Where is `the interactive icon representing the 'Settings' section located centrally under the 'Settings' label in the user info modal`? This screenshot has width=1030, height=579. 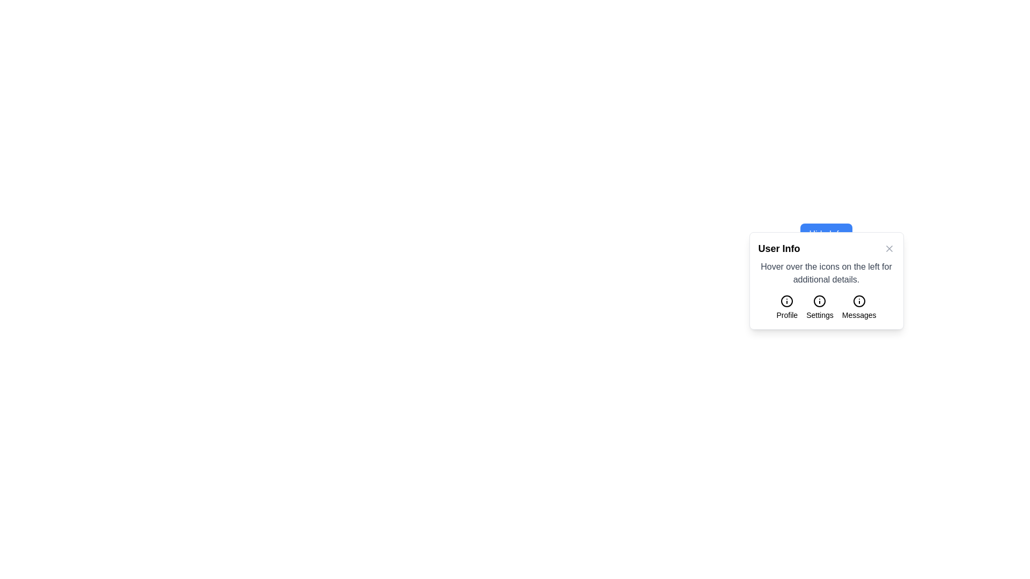 the interactive icon representing the 'Settings' section located centrally under the 'Settings' label in the user info modal is located at coordinates (819, 301).